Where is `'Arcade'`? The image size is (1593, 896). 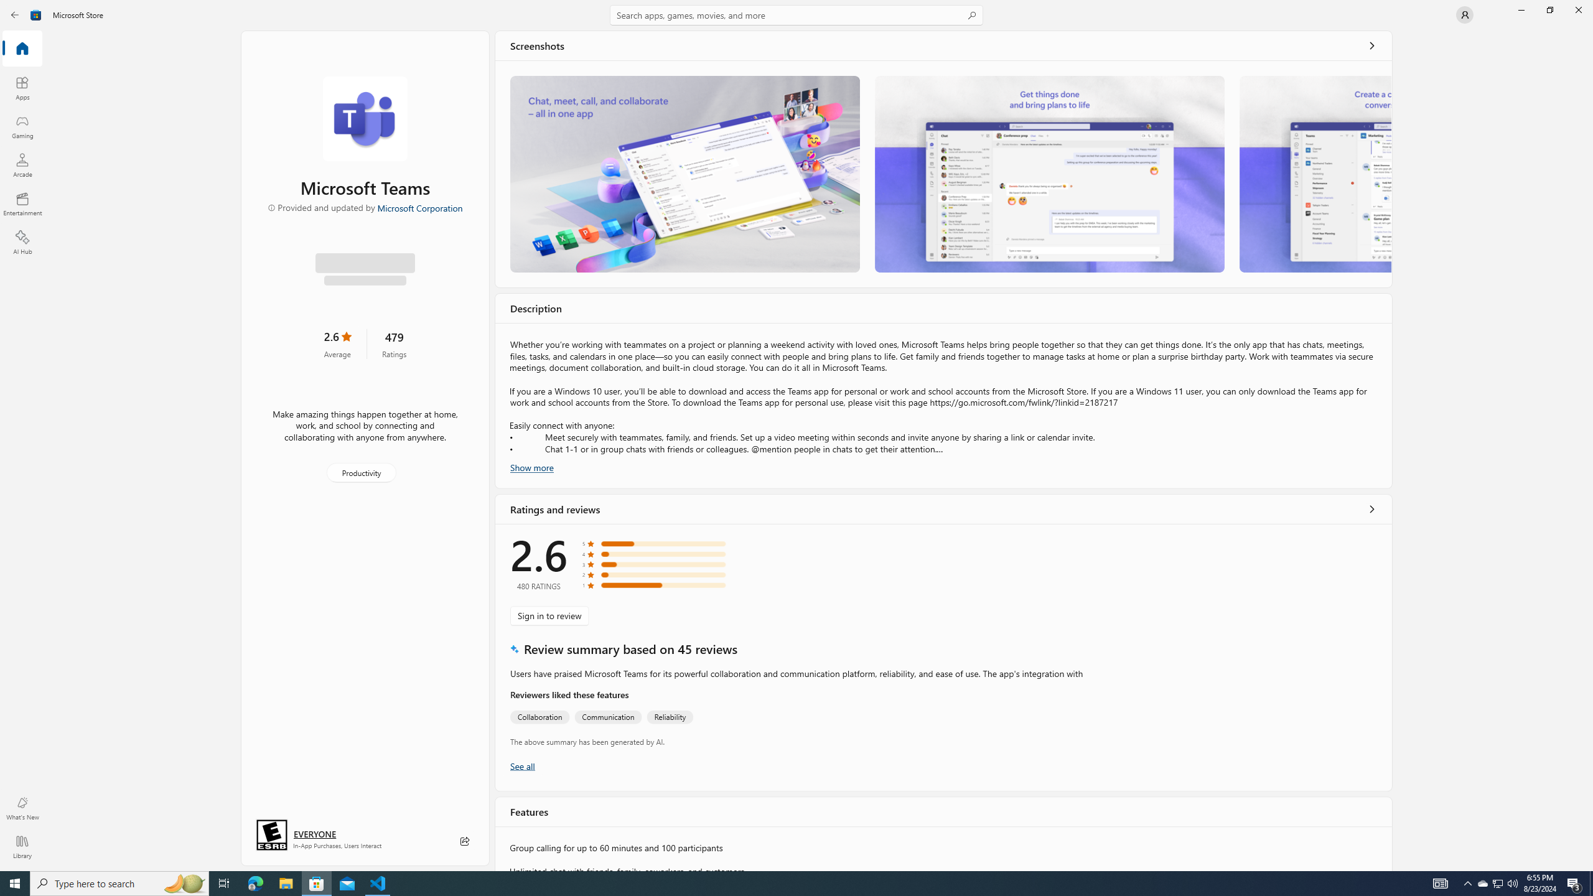
'Arcade' is located at coordinates (21, 164).